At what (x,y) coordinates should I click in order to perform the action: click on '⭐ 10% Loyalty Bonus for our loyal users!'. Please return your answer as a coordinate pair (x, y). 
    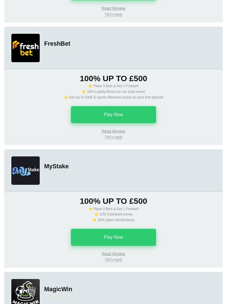
    Looking at the image, I should click on (113, 91).